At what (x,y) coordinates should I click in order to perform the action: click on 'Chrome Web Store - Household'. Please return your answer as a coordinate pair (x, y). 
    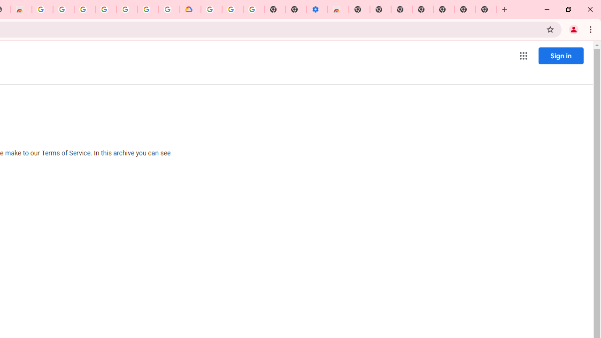
    Looking at the image, I should click on (21, 9).